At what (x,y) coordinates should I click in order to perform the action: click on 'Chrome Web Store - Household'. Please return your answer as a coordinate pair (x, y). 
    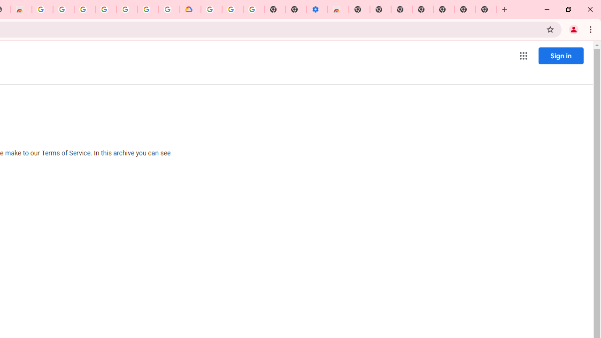
    Looking at the image, I should click on (21, 9).